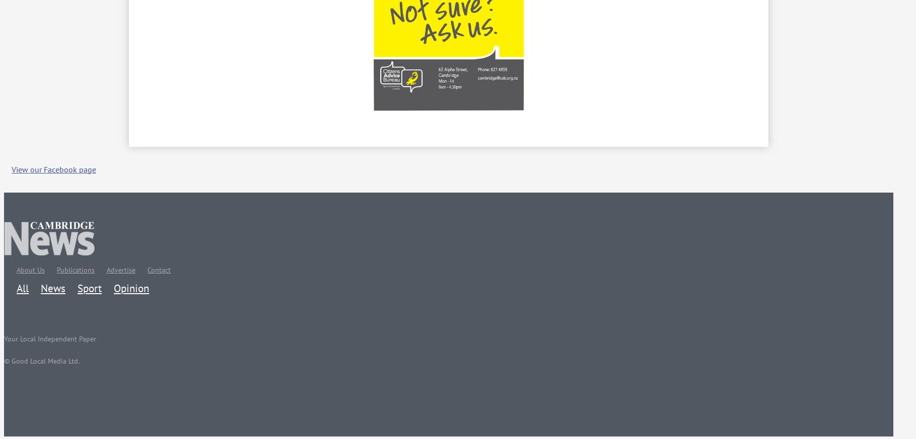  I want to click on 'News', so click(53, 288).